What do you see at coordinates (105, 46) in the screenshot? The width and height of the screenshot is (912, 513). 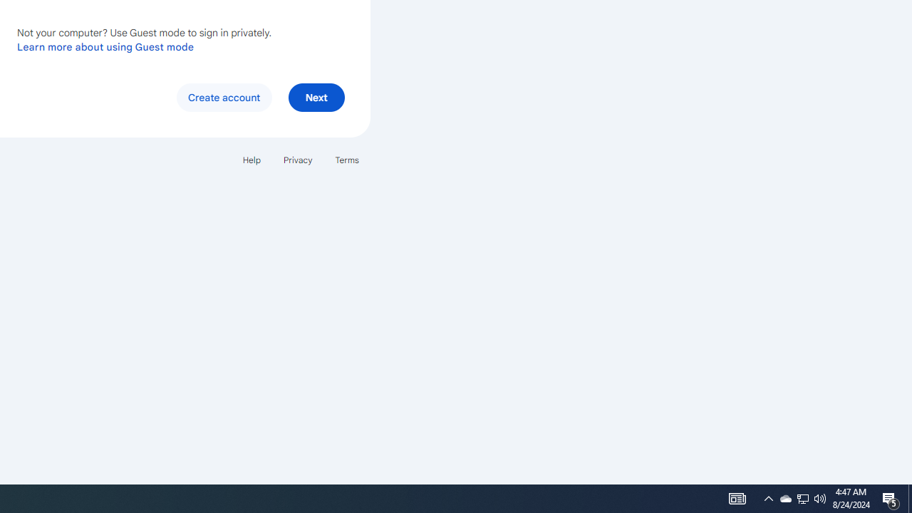 I see `'Learn more about using Guest mode'` at bounding box center [105, 46].